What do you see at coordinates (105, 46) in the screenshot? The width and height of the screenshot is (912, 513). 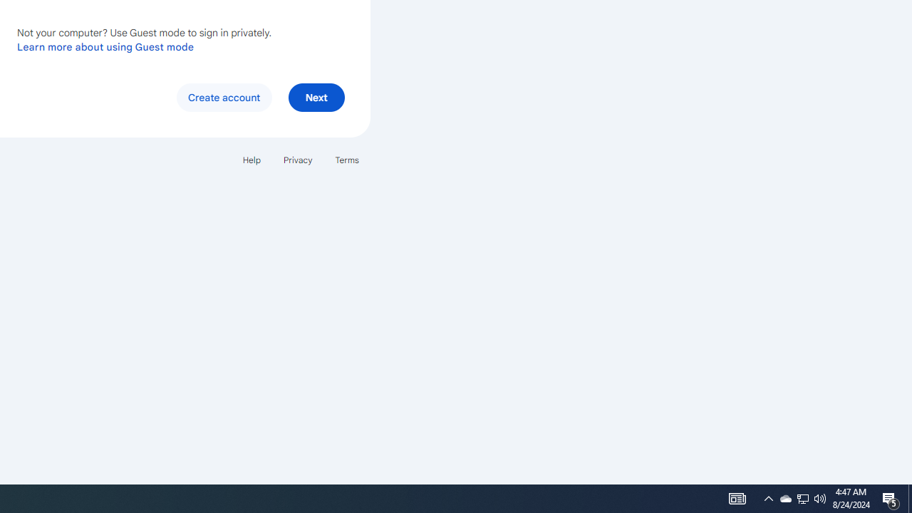 I see `'Learn more about using Guest mode'` at bounding box center [105, 46].